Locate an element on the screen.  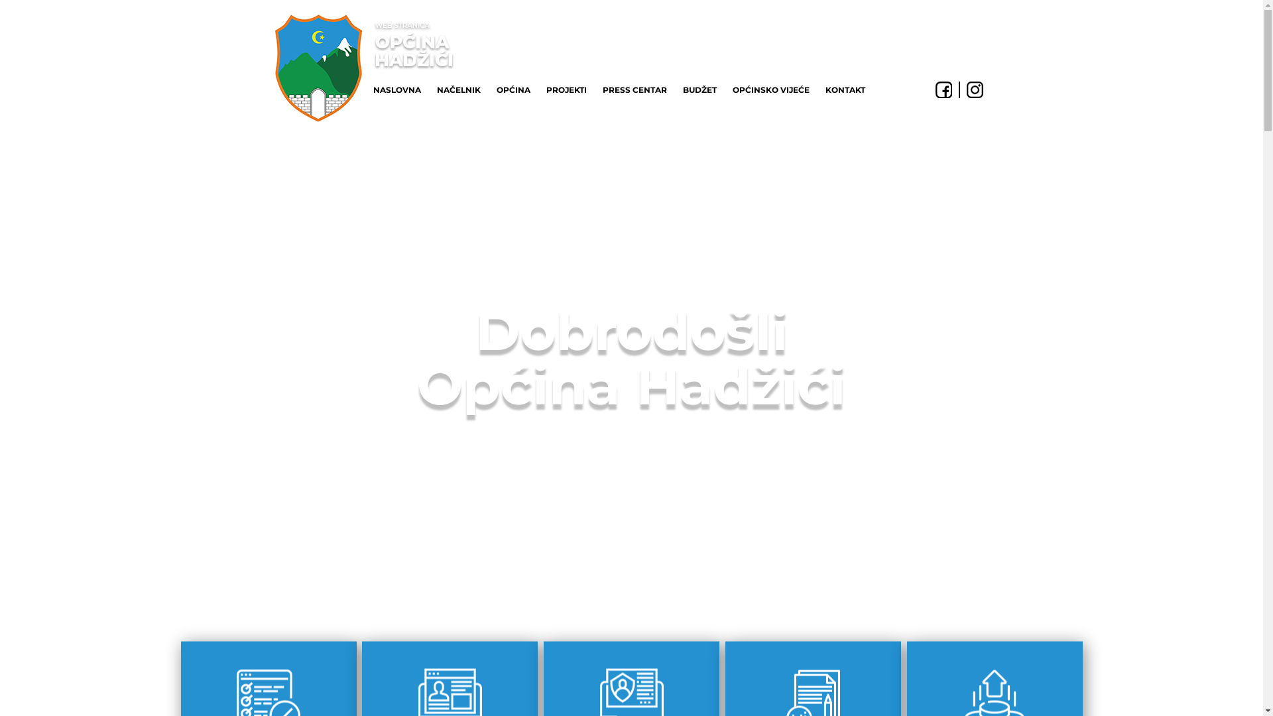
'KONTAKT' is located at coordinates (843, 89).